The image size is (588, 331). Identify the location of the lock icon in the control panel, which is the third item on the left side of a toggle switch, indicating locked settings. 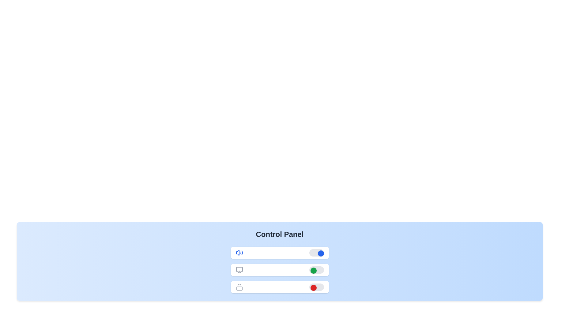
(239, 287).